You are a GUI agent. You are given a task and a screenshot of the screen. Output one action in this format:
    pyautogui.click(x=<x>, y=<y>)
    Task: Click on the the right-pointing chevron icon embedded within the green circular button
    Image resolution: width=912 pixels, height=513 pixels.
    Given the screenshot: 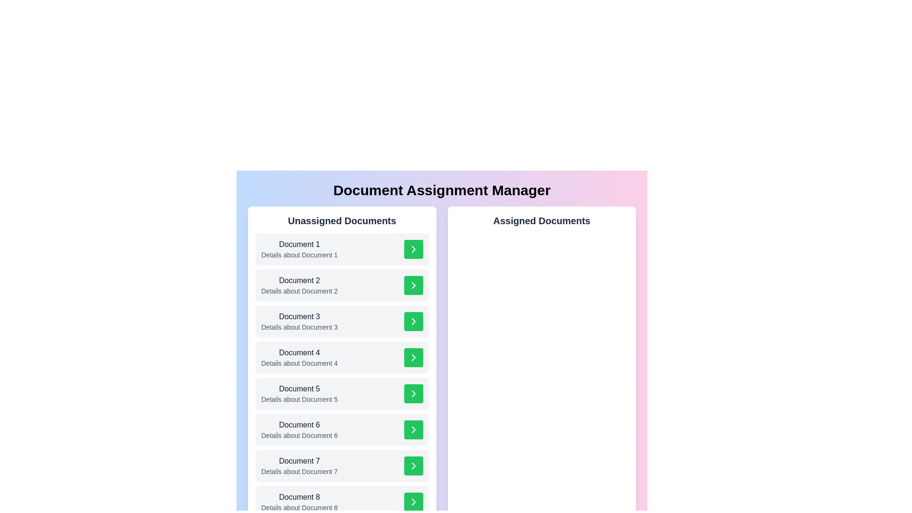 What is the action you would take?
    pyautogui.click(x=413, y=285)
    